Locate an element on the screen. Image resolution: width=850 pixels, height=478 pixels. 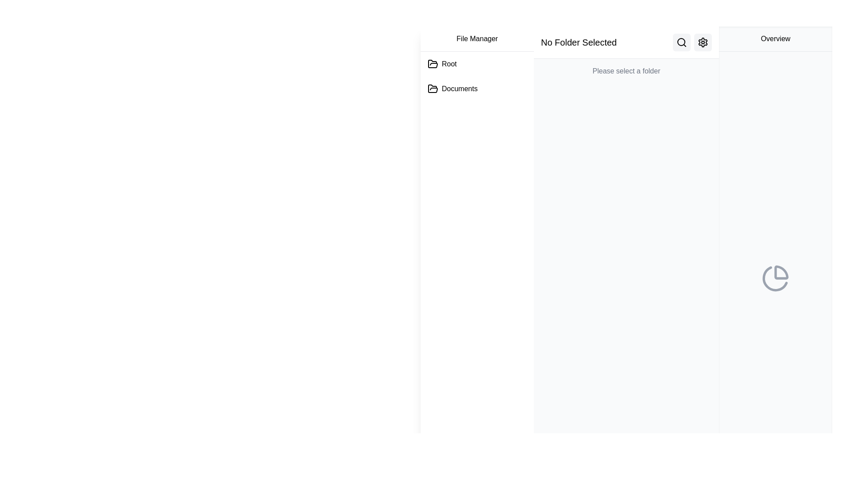
the cogwheel-shaped settings icon located in the top-right corner of the user interface is located at coordinates (703, 42).